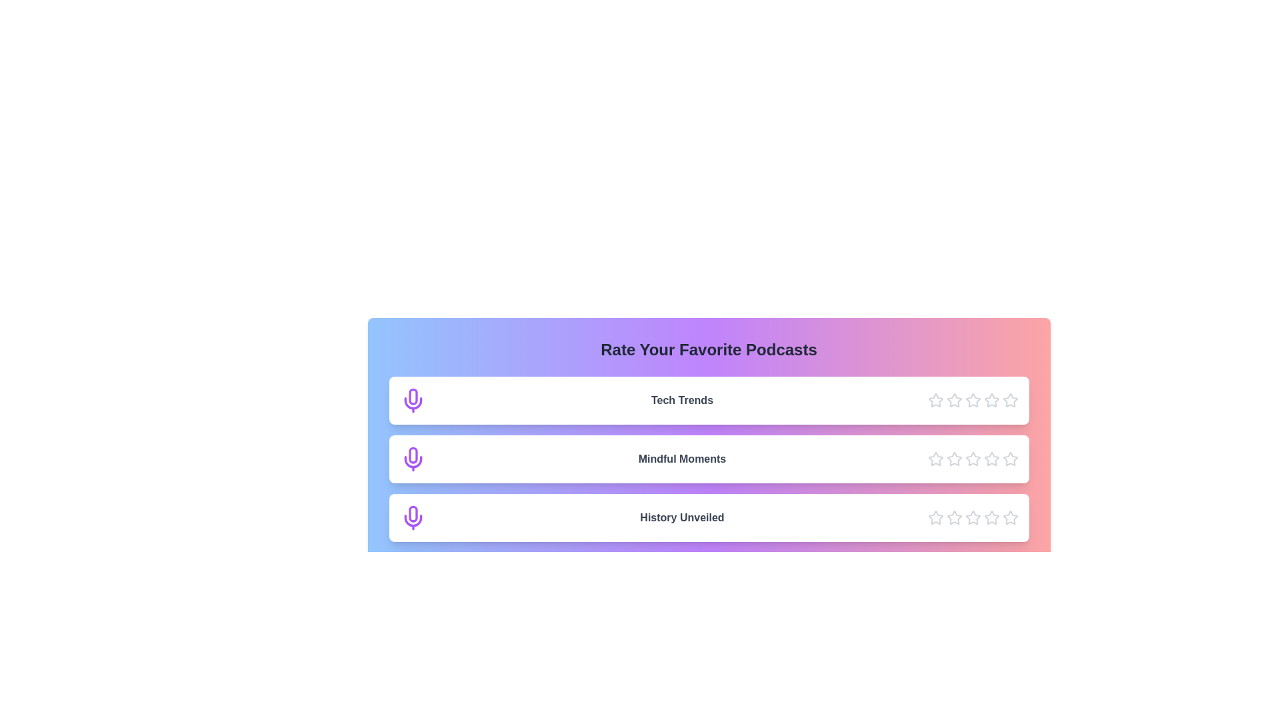  I want to click on the star icon corresponding to 5 stars for the podcast Mindful Moments, so click(1010, 459).